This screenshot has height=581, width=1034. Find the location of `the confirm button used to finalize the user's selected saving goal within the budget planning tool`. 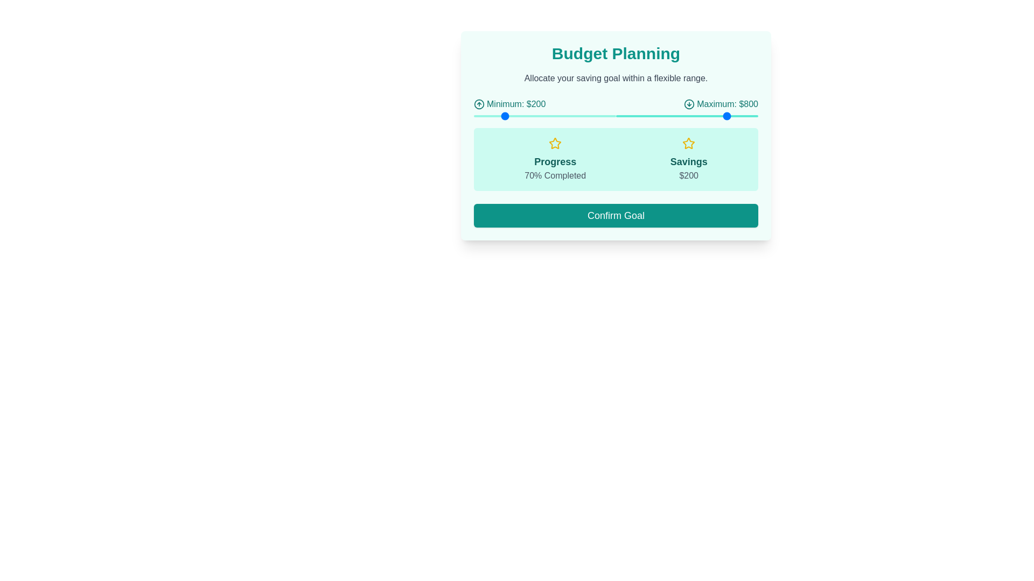

the confirm button used to finalize the user's selected saving goal within the budget planning tool is located at coordinates (616, 215).